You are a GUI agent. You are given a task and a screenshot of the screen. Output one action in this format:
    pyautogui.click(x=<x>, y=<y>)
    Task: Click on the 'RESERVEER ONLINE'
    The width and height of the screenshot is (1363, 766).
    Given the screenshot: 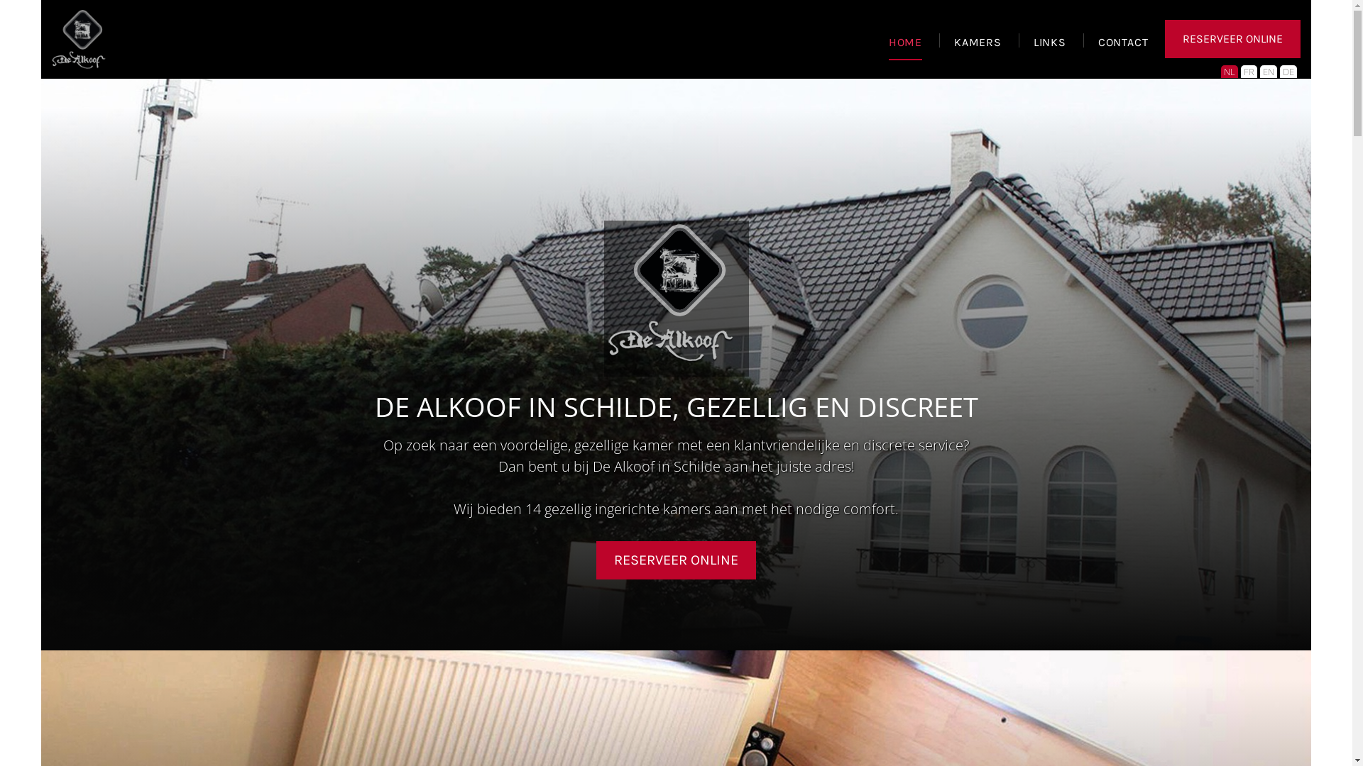 What is the action you would take?
    pyautogui.click(x=596, y=560)
    